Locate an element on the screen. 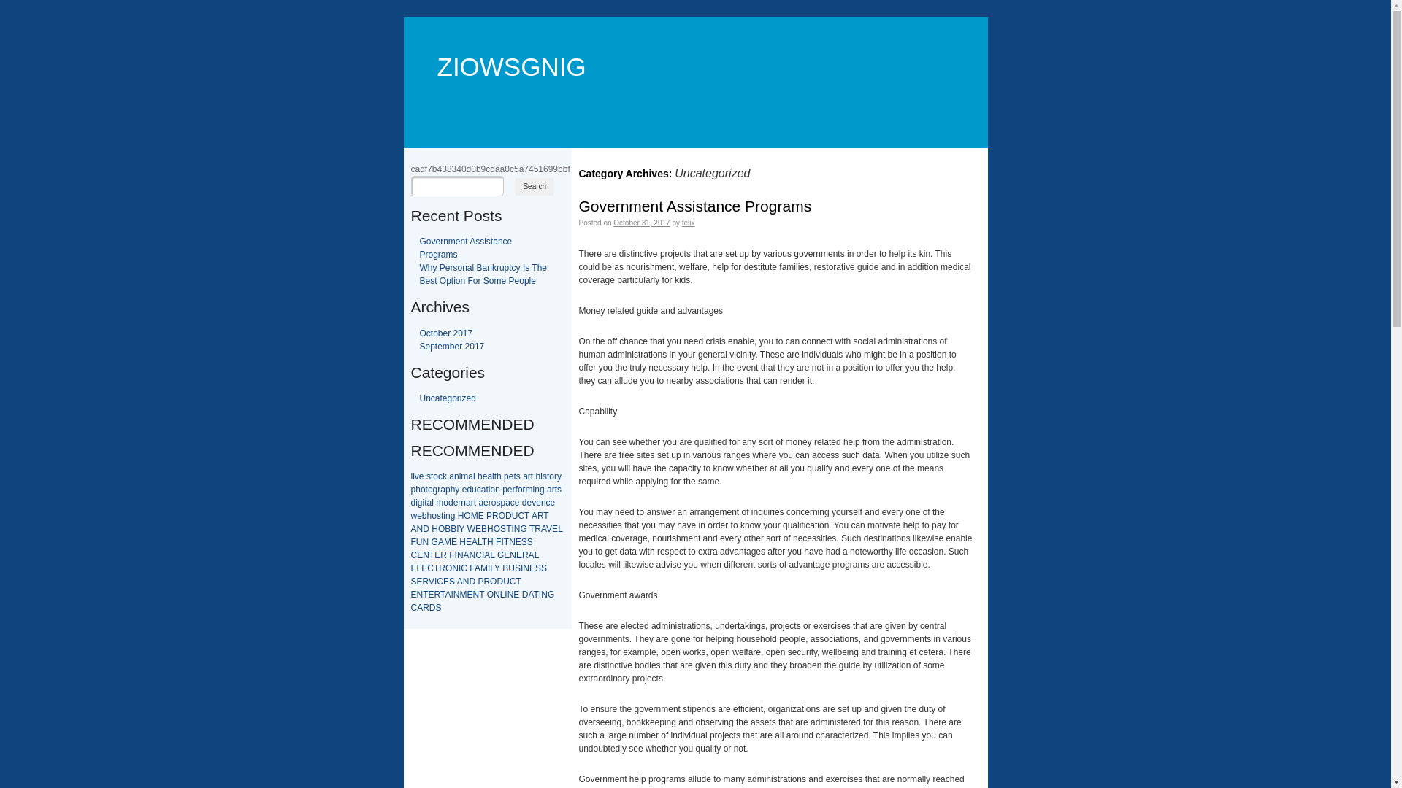 The width and height of the screenshot is (1402, 788). 'p' is located at coordinates (502, 502).